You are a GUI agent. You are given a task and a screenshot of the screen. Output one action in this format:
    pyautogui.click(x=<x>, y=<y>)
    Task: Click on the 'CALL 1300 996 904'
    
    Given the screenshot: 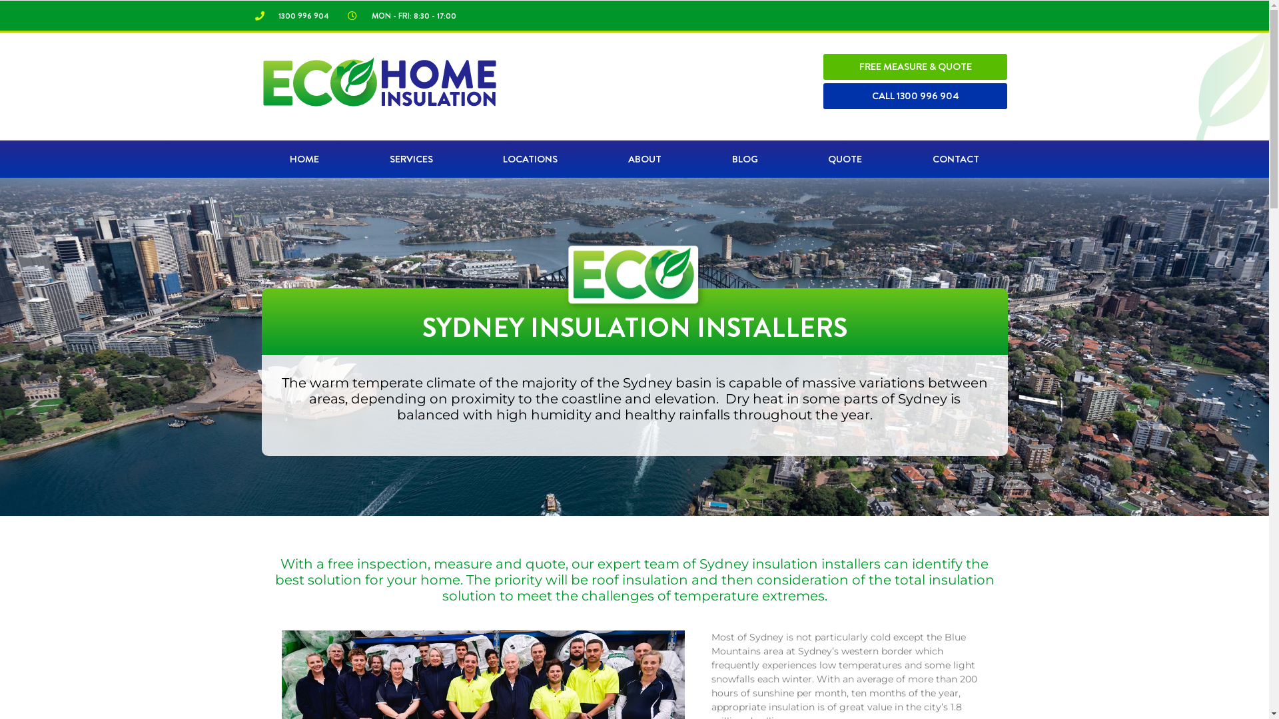 What is the action you would take?
    pyautogui.click(x=914, y=95)
    